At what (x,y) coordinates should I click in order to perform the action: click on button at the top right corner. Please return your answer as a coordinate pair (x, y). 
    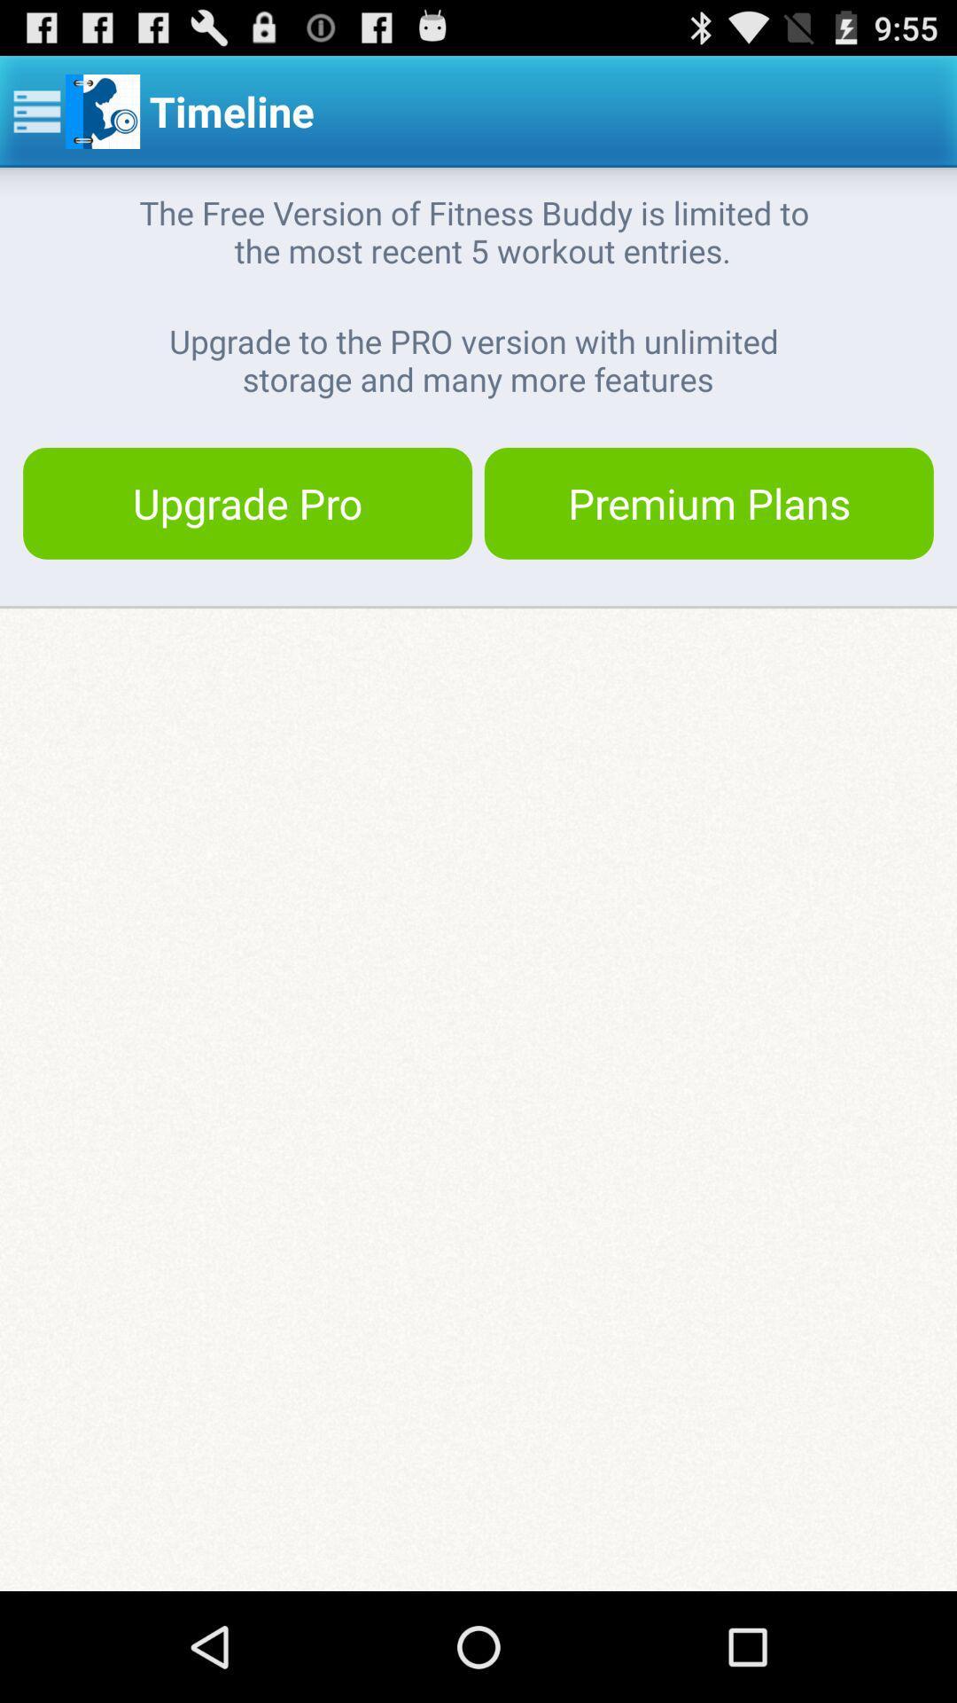
    Looking at the image, I should click on (708, 502).